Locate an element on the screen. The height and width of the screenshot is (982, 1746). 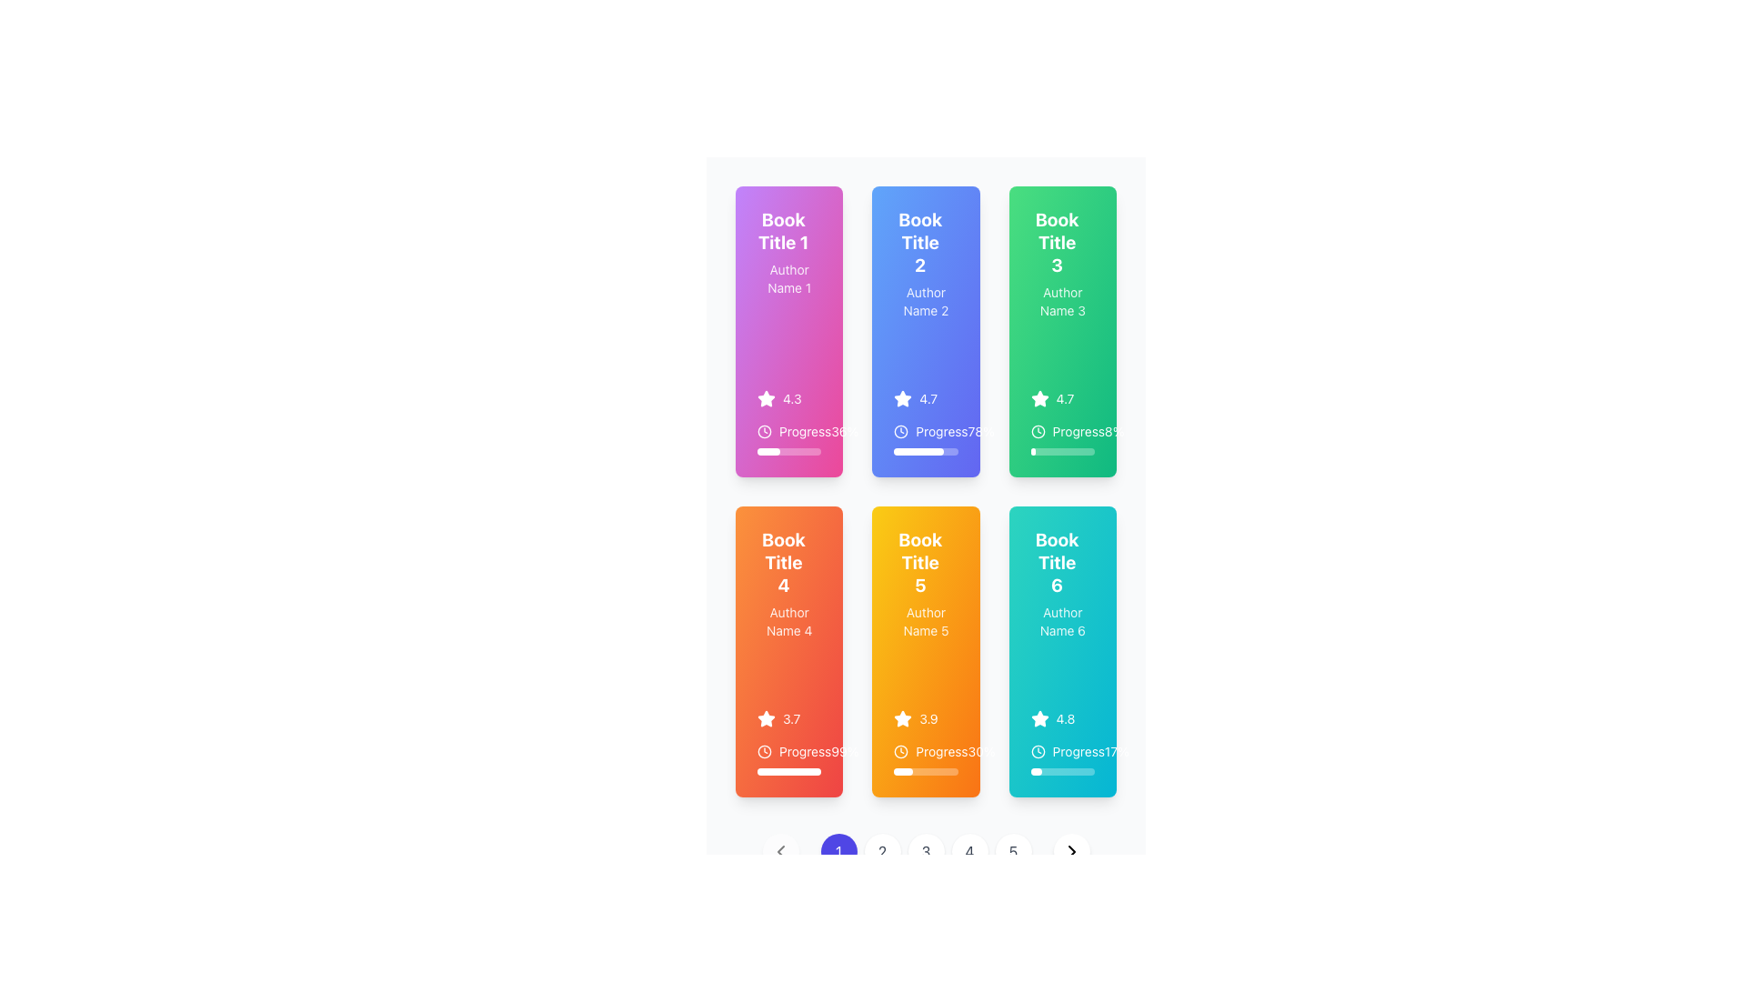
the fourth button in the pagination system to change its appearance is located at coordinates (968, 852).